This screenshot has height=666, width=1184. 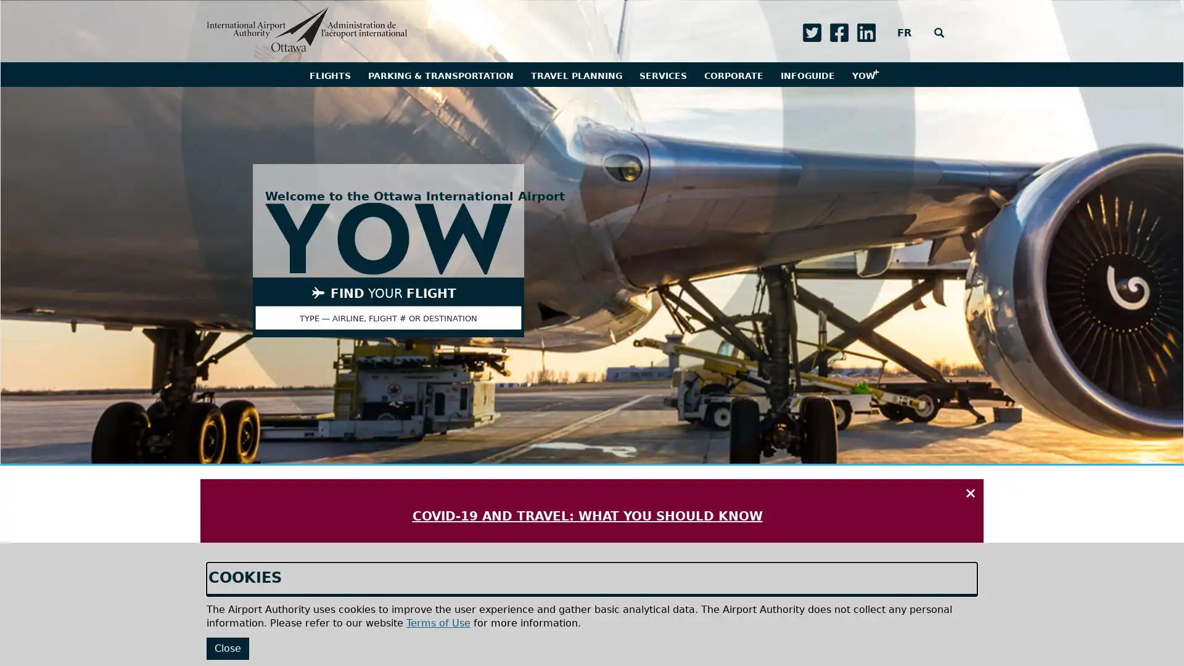 I want to click on Disable auto-refresh, so click(x=380, y=649).